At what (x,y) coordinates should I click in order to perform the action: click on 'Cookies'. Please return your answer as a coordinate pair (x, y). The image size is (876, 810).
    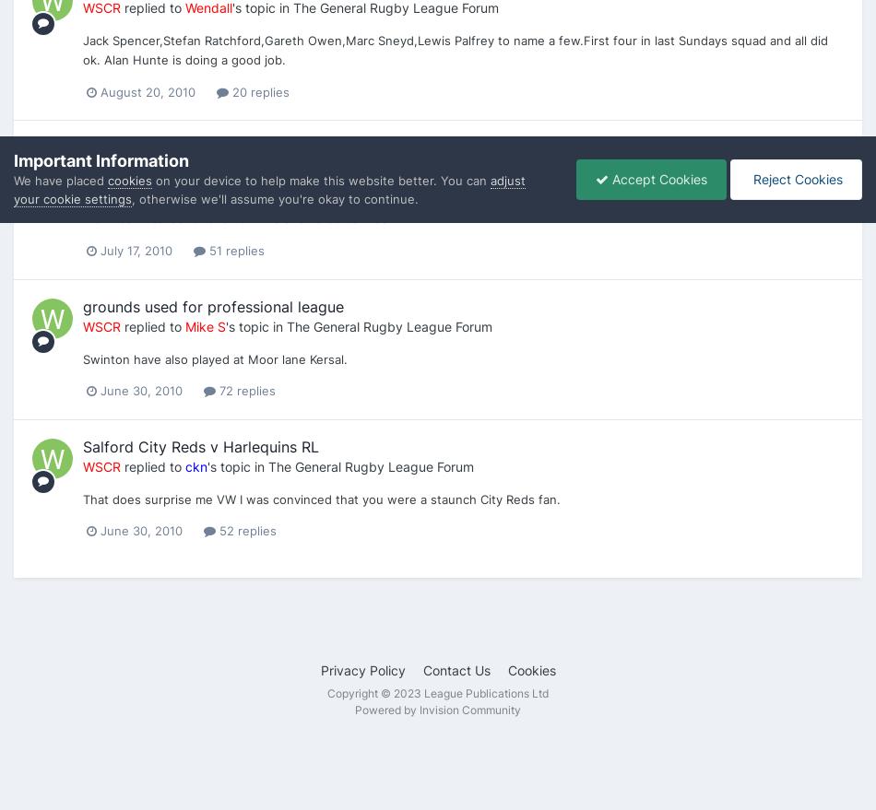
    Looking at the image, I should click on (530, 669).